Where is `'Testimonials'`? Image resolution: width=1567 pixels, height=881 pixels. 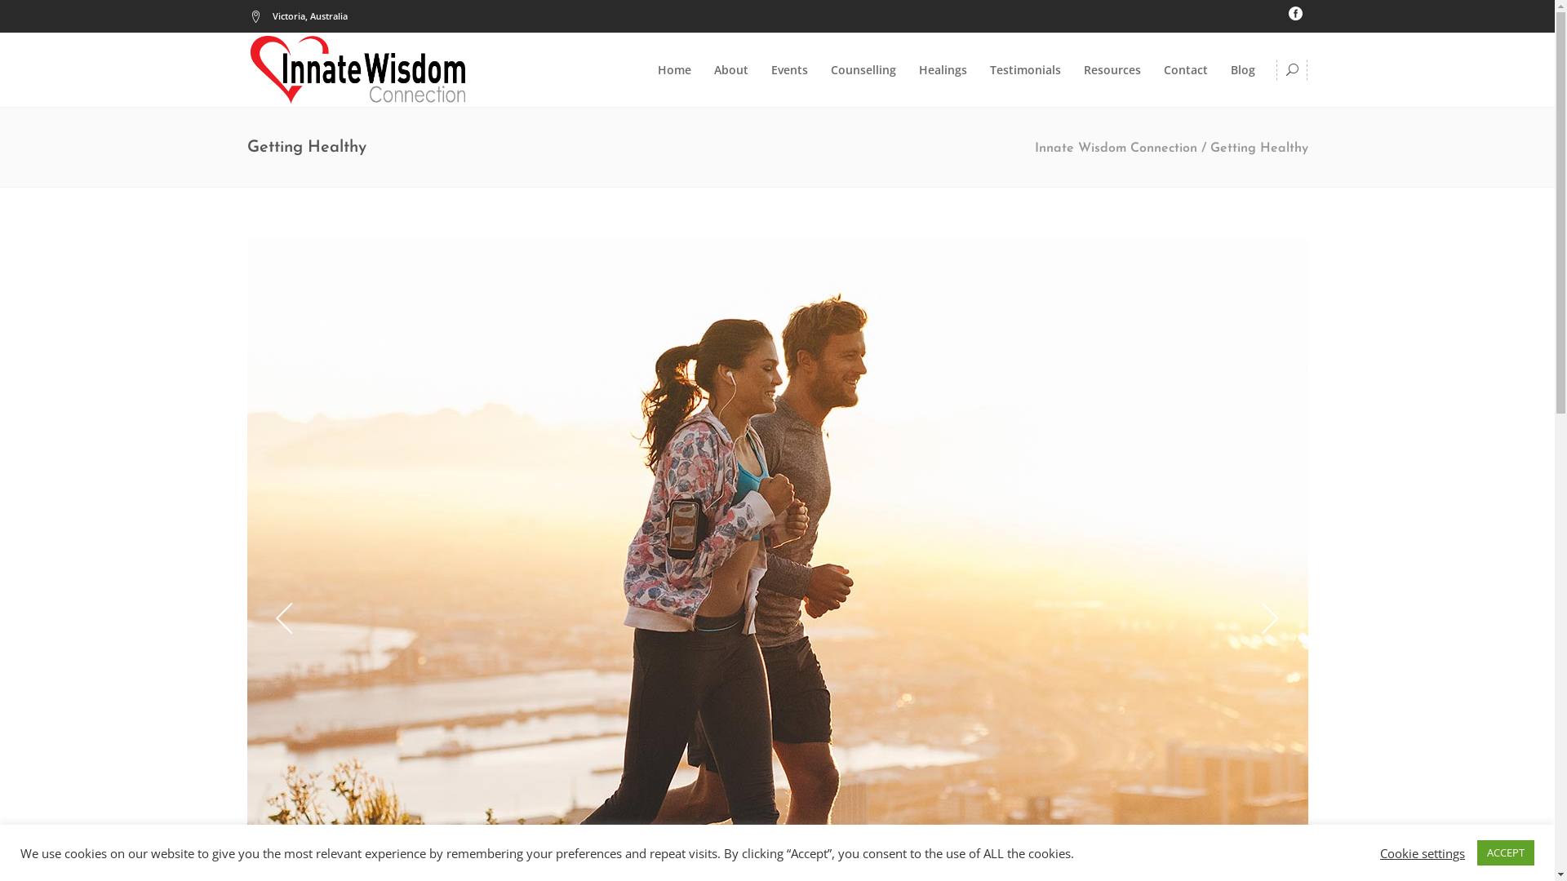 'Testimonials' is located at coordinates (1023, 69).